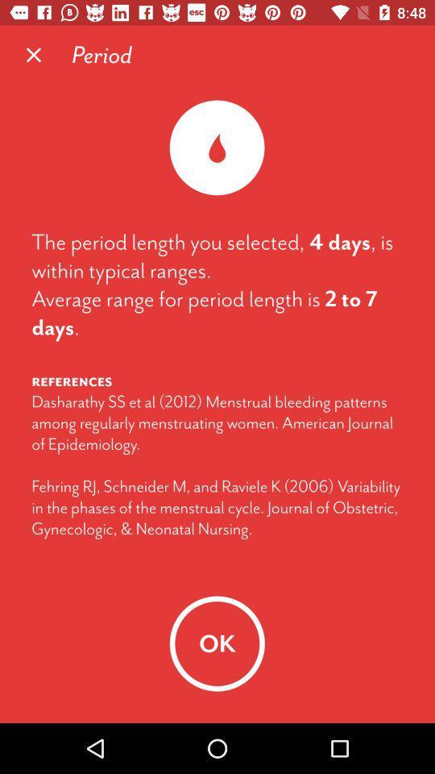 The height and width of the screenshot is (774, 435). What do you see at coordinates (34, 55) in the screenshot?
I see `the close icon` at bounding box center [34, 55].